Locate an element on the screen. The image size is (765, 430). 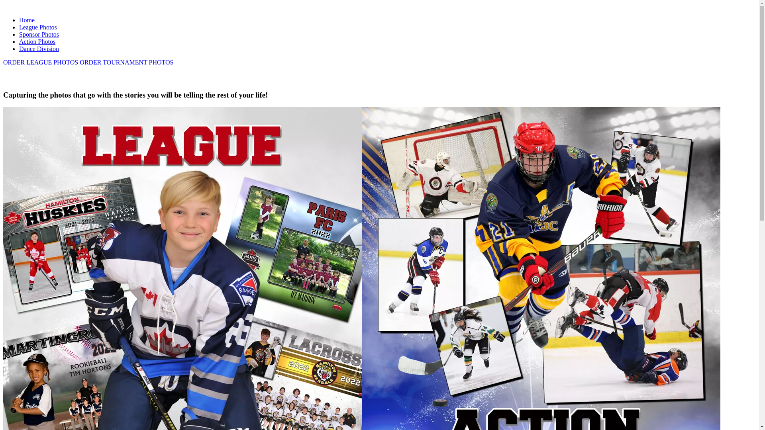
'Action Photos' is located at coordinates (37, 41).